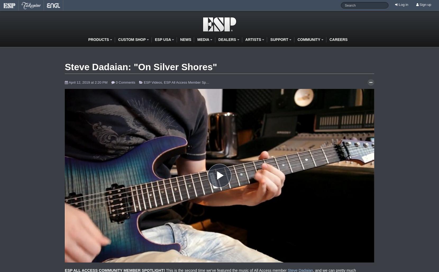 This screenshot has width=439, height=272. I want to click on 'Careers', so click(338, 39).